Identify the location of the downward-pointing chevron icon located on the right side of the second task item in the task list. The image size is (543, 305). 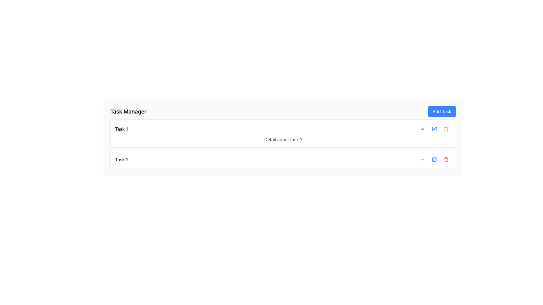
(422, 159).